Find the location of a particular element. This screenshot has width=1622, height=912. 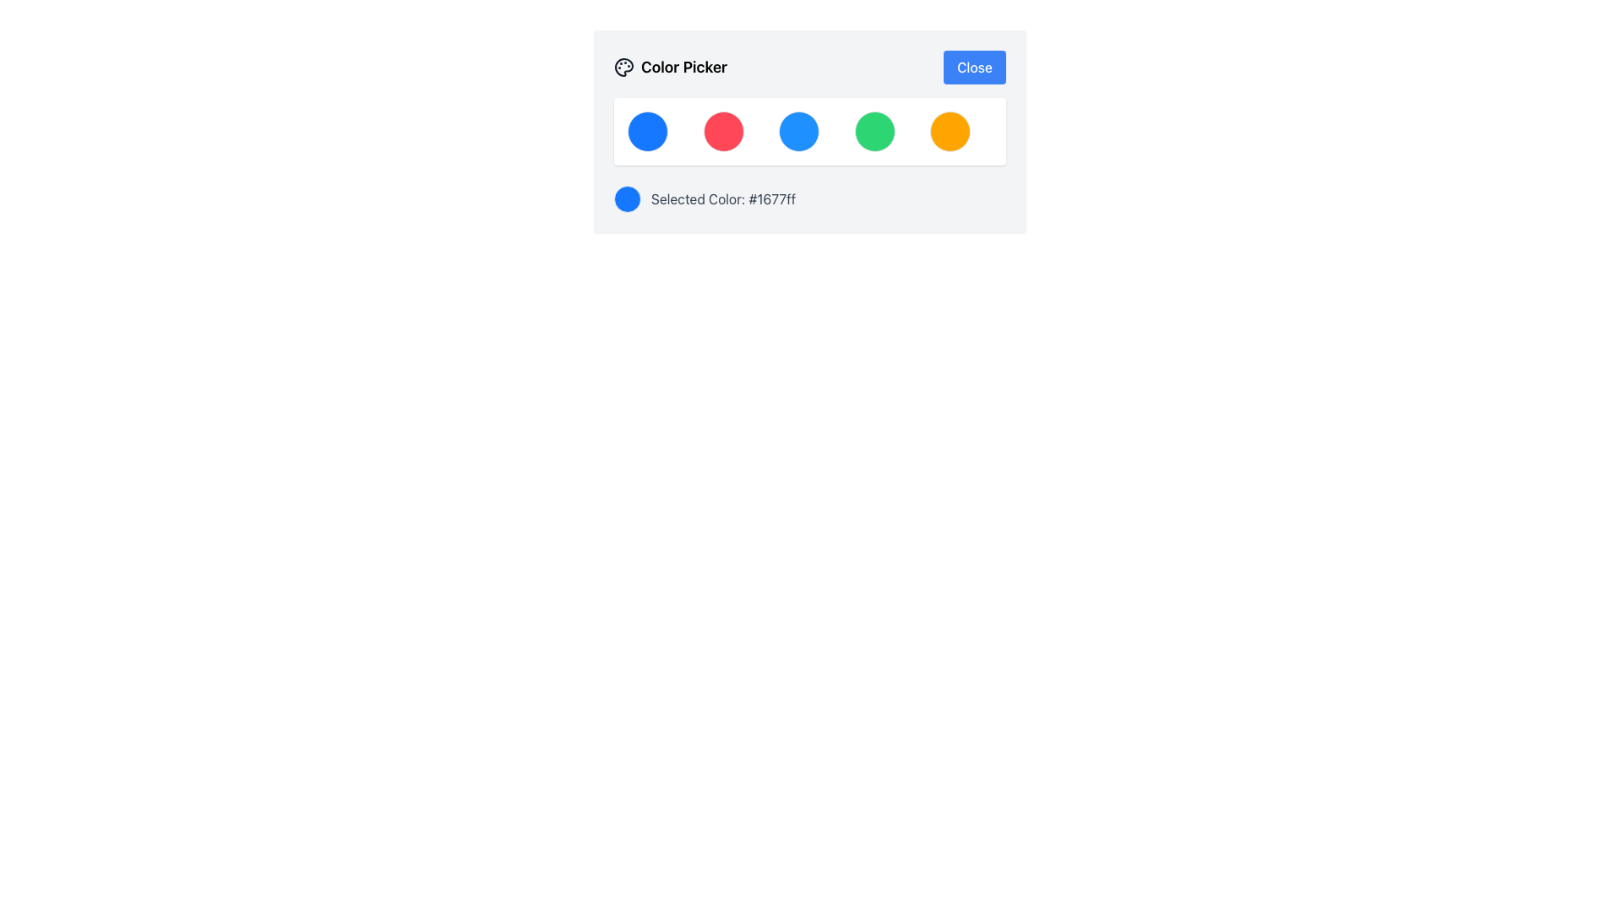

the circular red button located in the second position of a grid of five buttons below the 'Color Picker' header is located at coordinates (723, 130).